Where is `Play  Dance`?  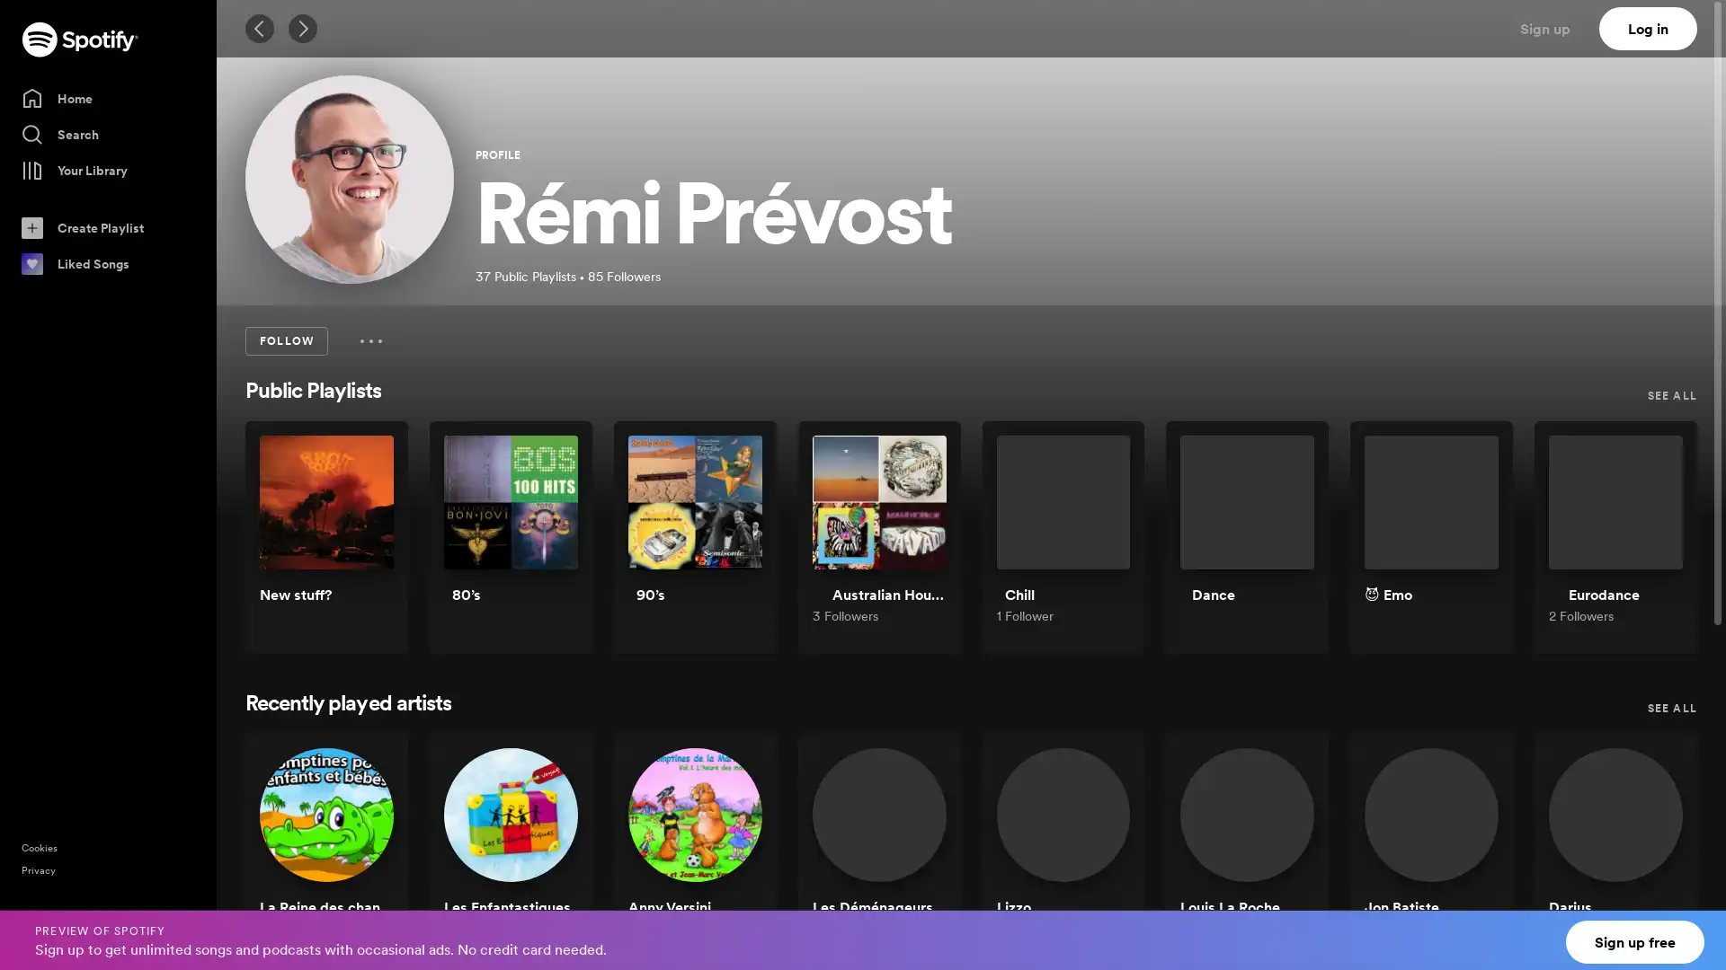
Play  Dance is located at coordinates (1285, 546).